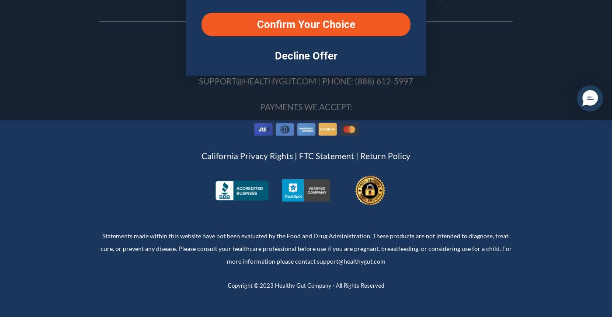 The image size is (612, 317). What do you see at coordinates (327, 156) in the screenshot?
I see `'FTC Statement'` at bounding box center [327, 156].